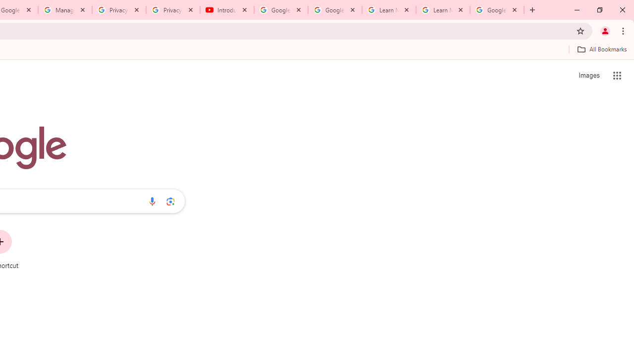 This screenshot has height=356, width=634. Describe the element at coordinates (617, 75) in the screenshot. I see `'Google apps'` at that location.